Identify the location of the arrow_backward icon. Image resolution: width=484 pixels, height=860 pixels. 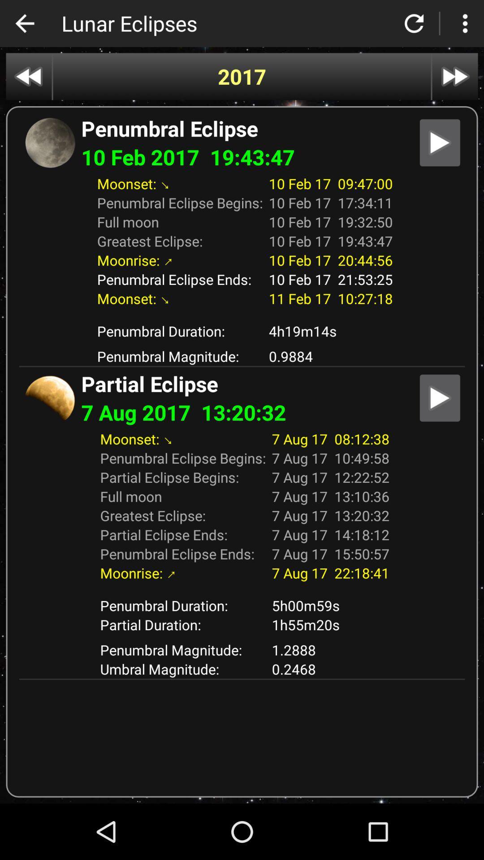
(24, 23).